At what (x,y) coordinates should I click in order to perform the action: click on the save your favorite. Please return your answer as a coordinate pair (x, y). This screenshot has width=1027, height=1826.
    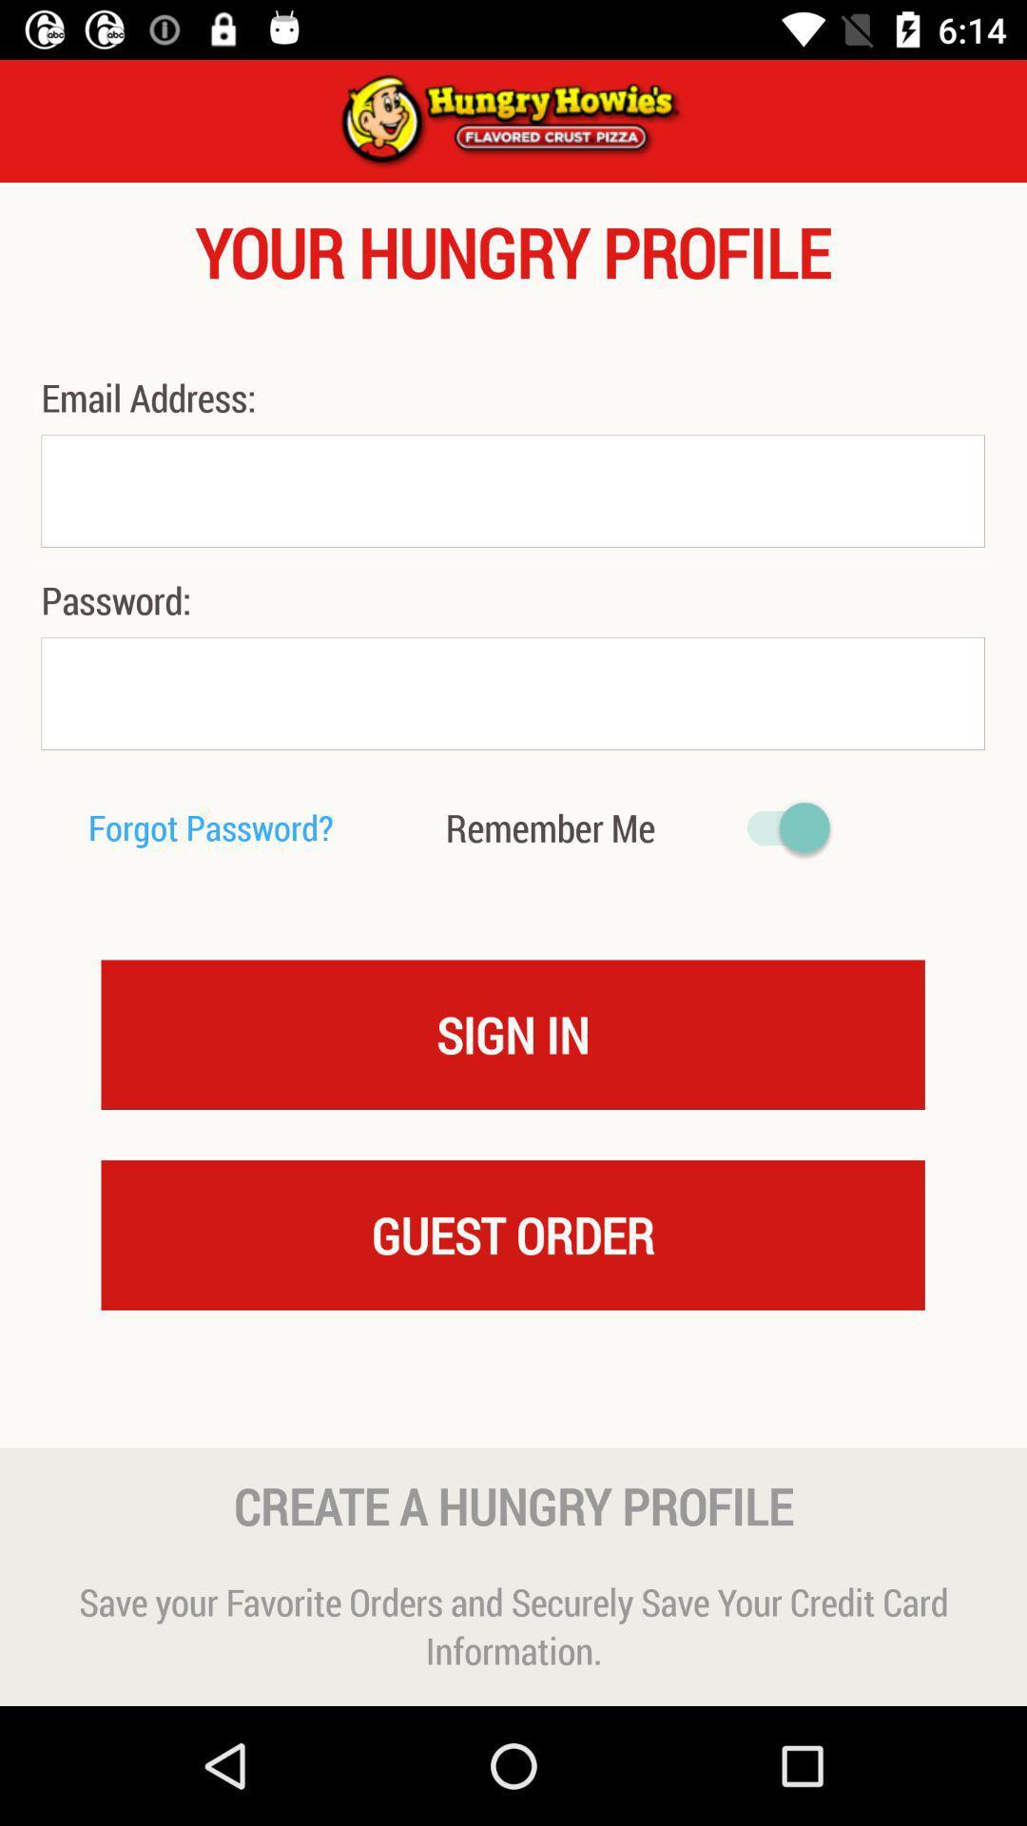
    Looking at the image, I should click on (513, 1624).